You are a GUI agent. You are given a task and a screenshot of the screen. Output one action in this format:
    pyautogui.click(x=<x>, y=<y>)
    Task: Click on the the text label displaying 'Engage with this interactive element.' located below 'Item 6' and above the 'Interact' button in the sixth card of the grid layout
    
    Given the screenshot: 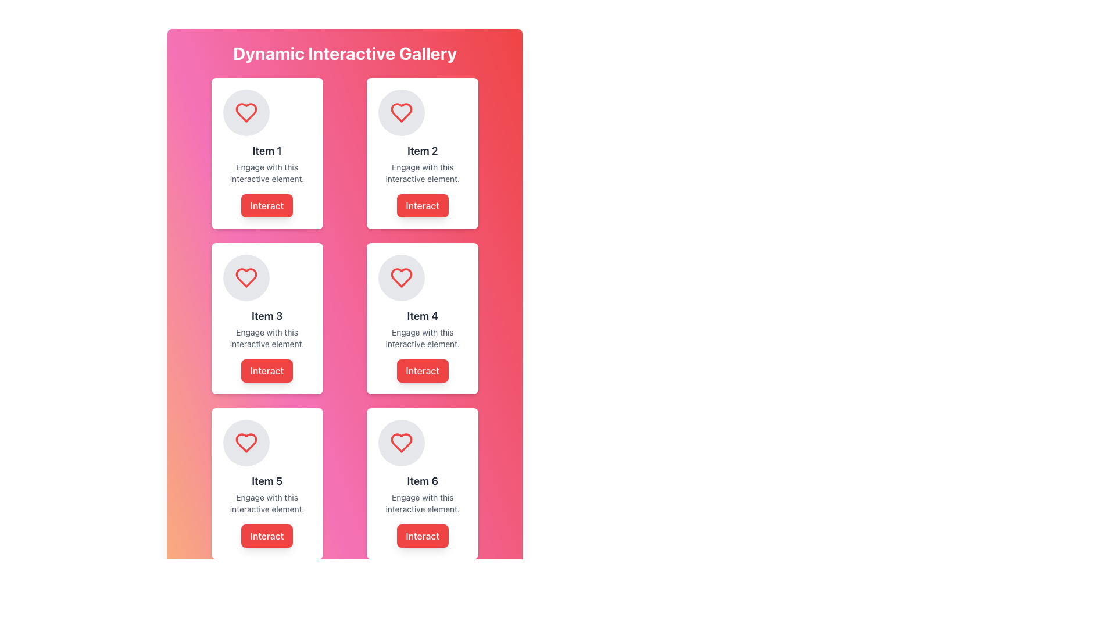 What is the action you would take?
    pyautogui.click(x=422, y=503)
    